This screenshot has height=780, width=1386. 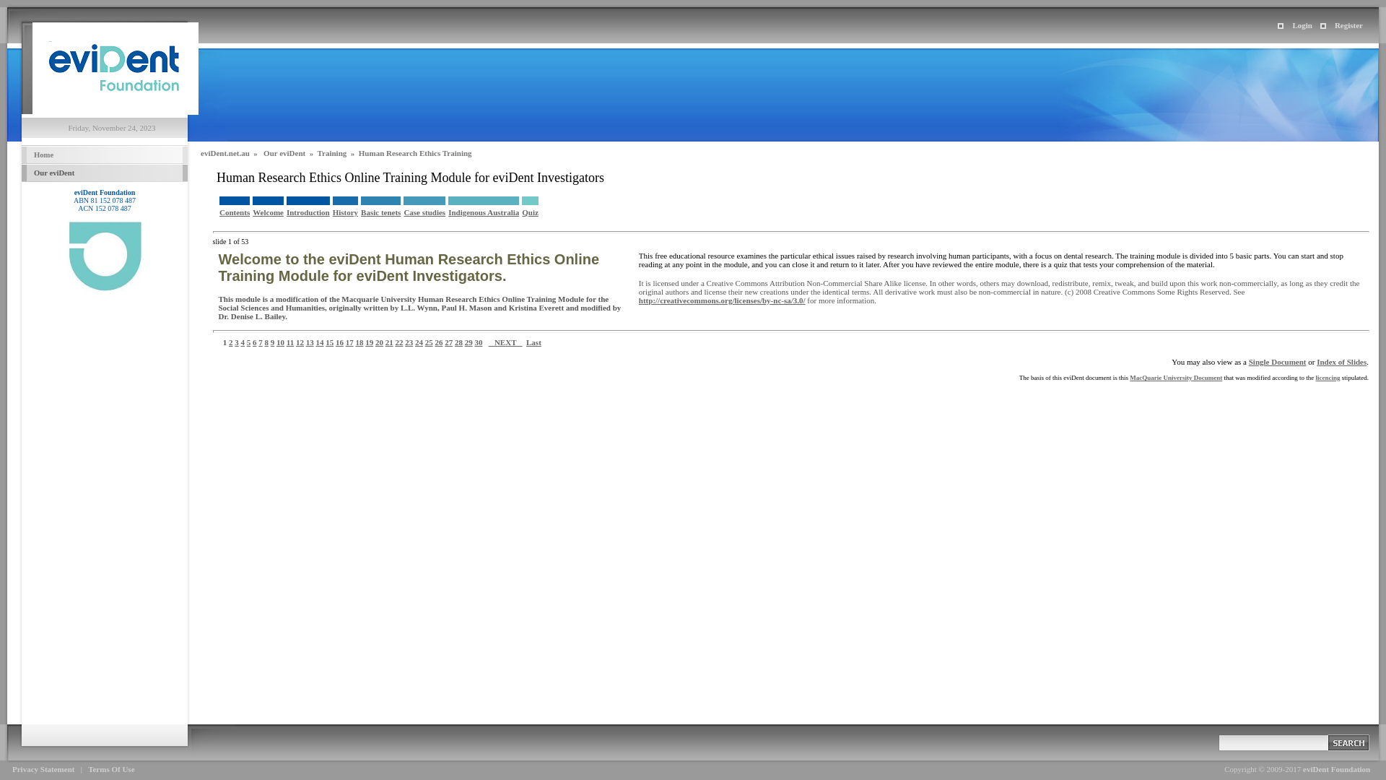 What do you see at coordinates (249, 342) in the screenshot?
I see `'5'` at bounding box center [249, 342].